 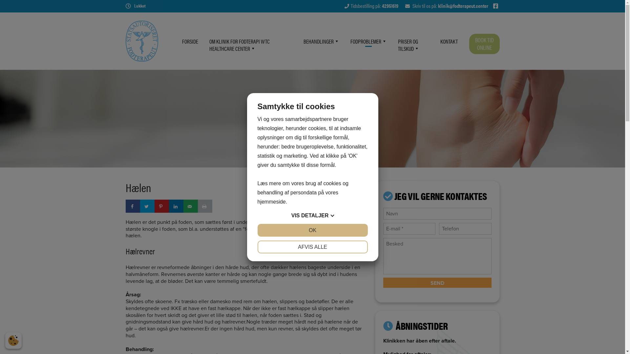 What do you see at coordinates (146, 206) in the screenshot?
I see `'Share on Twitter'` at bounding box center [146, 206].